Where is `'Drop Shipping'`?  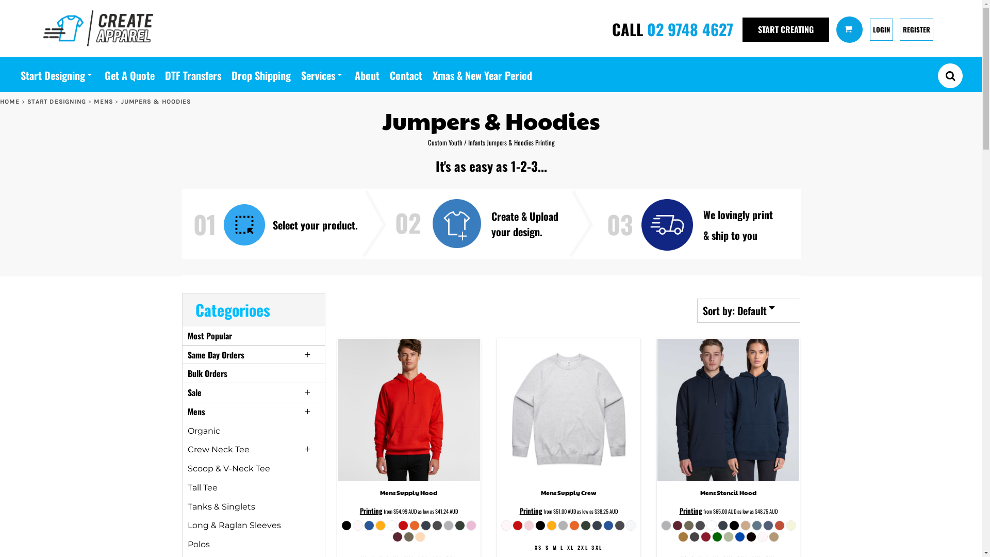
'Drop Shipping' is located at coordinates (261, 73).